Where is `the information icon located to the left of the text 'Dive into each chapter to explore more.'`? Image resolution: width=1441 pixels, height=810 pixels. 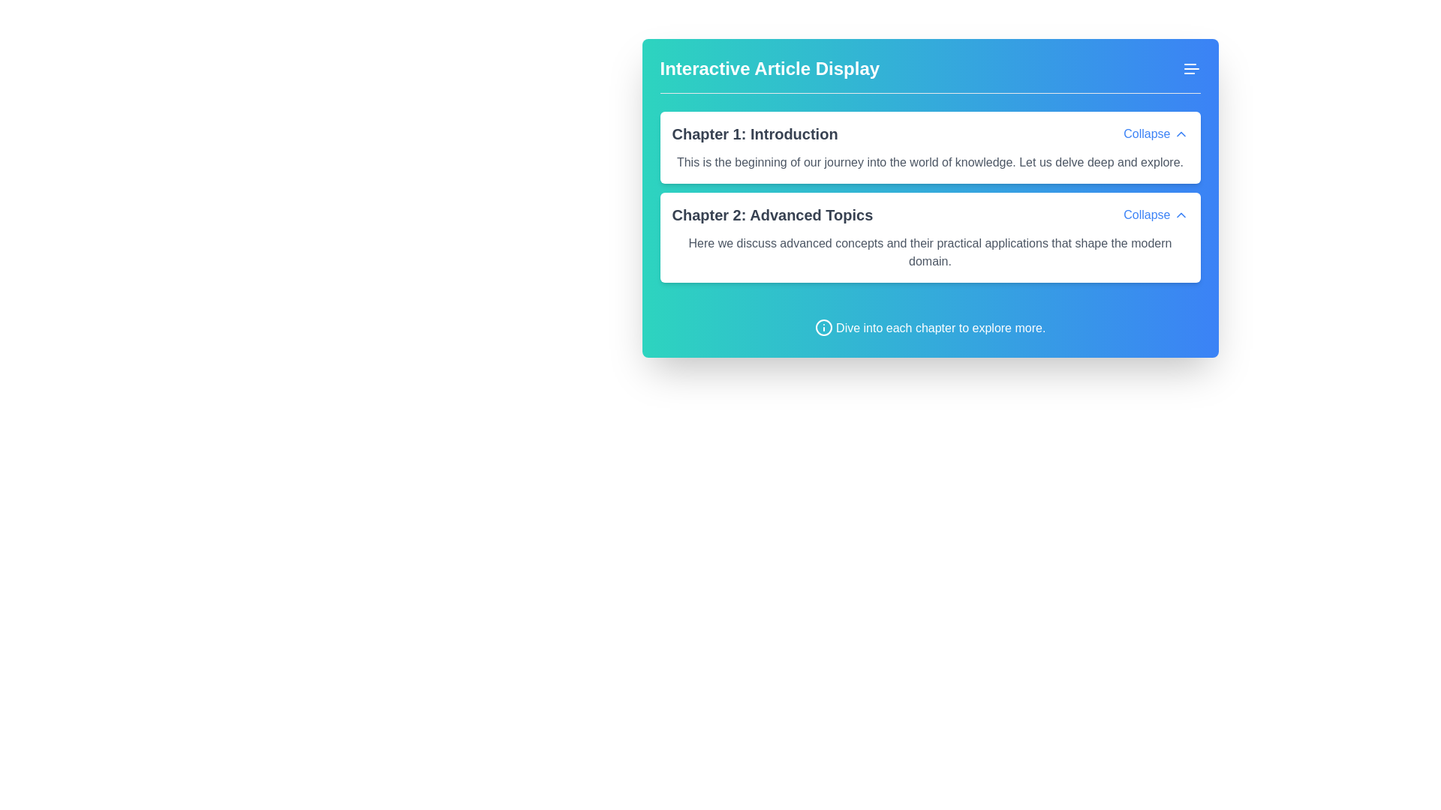 the information icon located to the left of the text 'Dive into each chapter to explore more.' is located at coordinates (823, 326).